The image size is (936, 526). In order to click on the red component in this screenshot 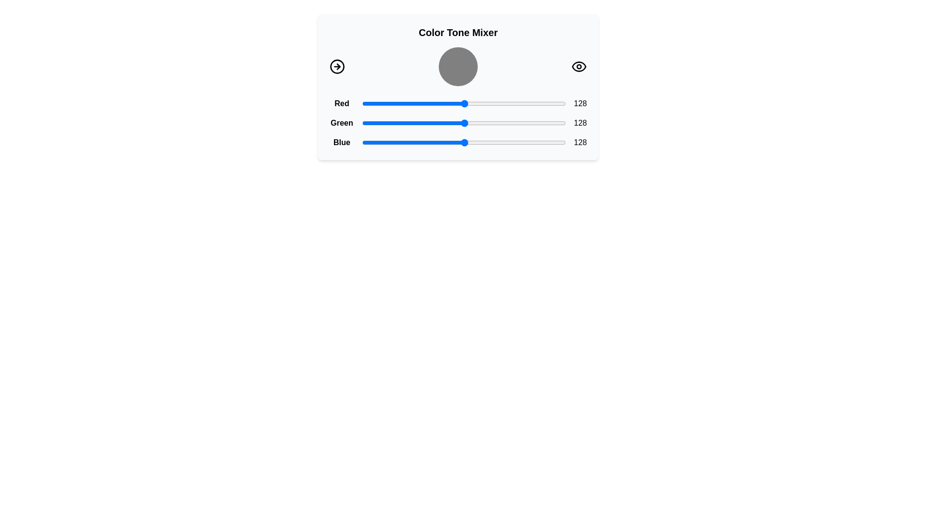, I will do `click(540, 103)`.